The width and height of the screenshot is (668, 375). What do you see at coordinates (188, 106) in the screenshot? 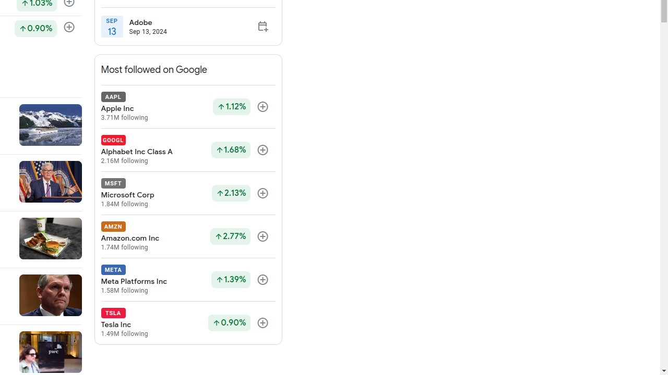
I see `'AAPL Apple Inc 3.71M following Up by 1.12% Follow'` at bounding box center [188, 106].